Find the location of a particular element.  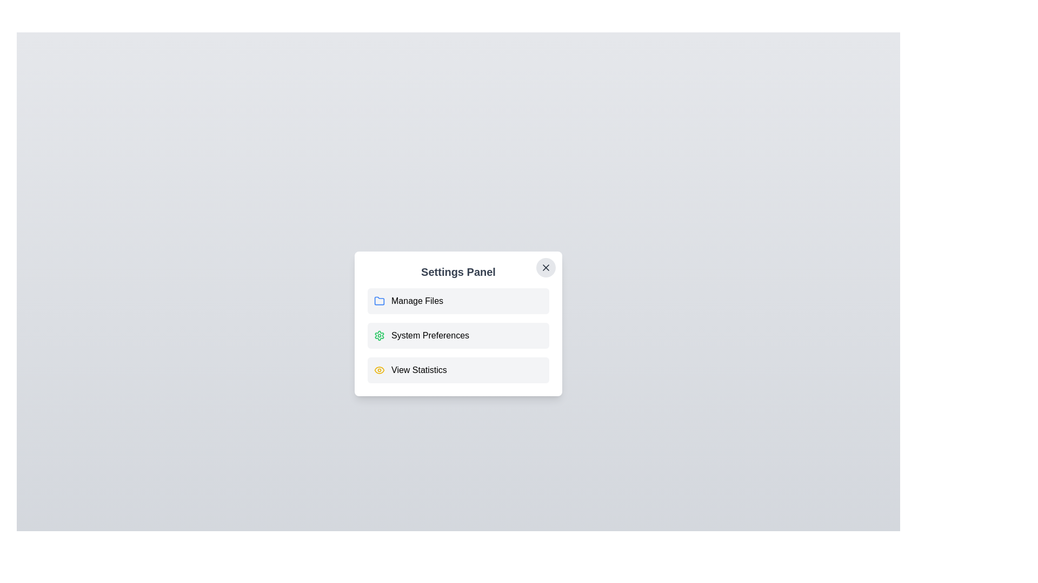

the third button in the vertical list within the 'Settings Panel' is located at coordinates (458, 370).